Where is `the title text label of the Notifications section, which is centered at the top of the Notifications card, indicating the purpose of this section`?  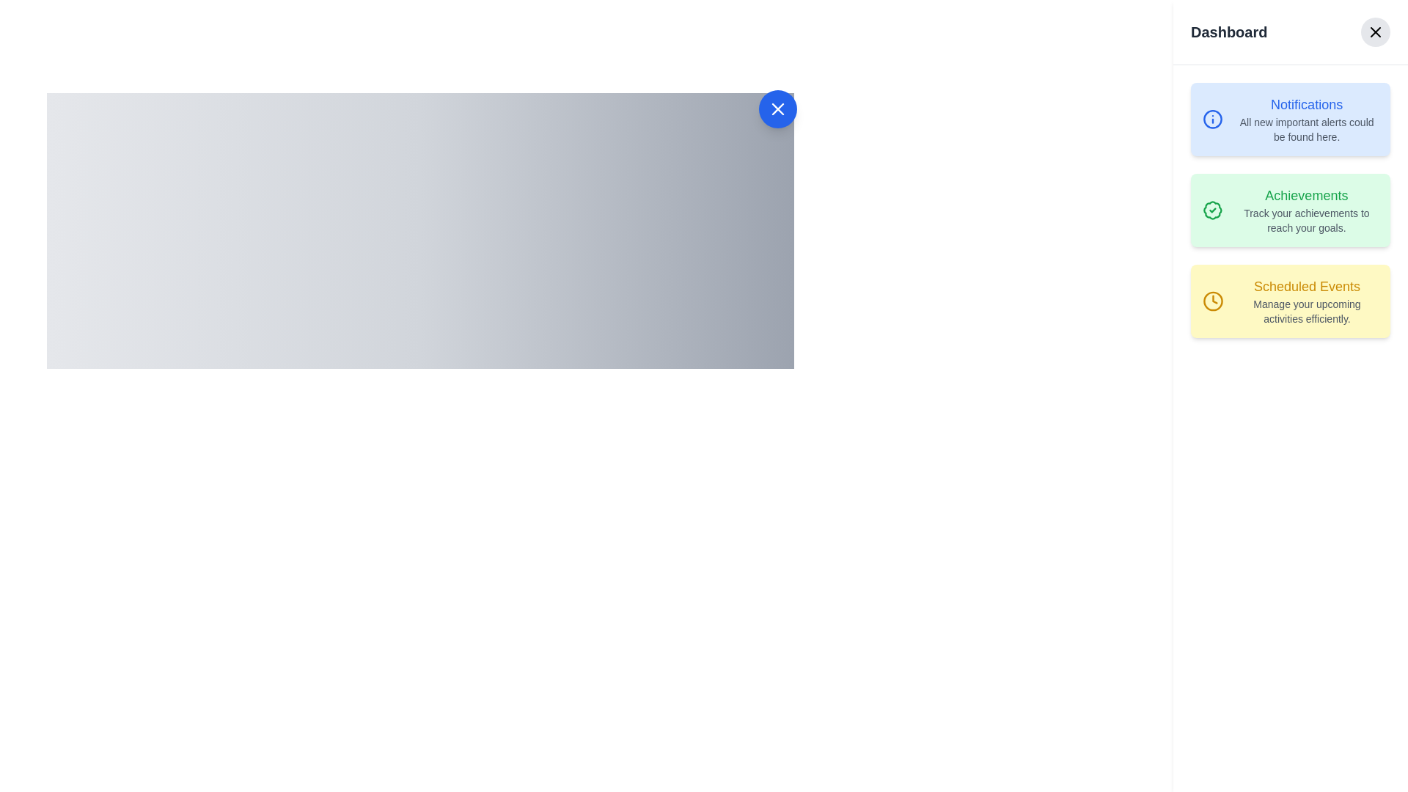 the title text label of the Notifications section, which is centered at the top of the Notifications card, indicating the purpose of this section is located at coordinates (1307, 103).